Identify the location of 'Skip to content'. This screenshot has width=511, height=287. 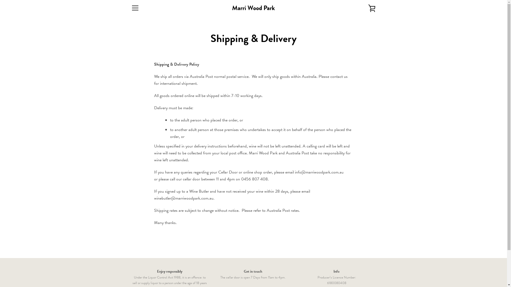
(0, 0).